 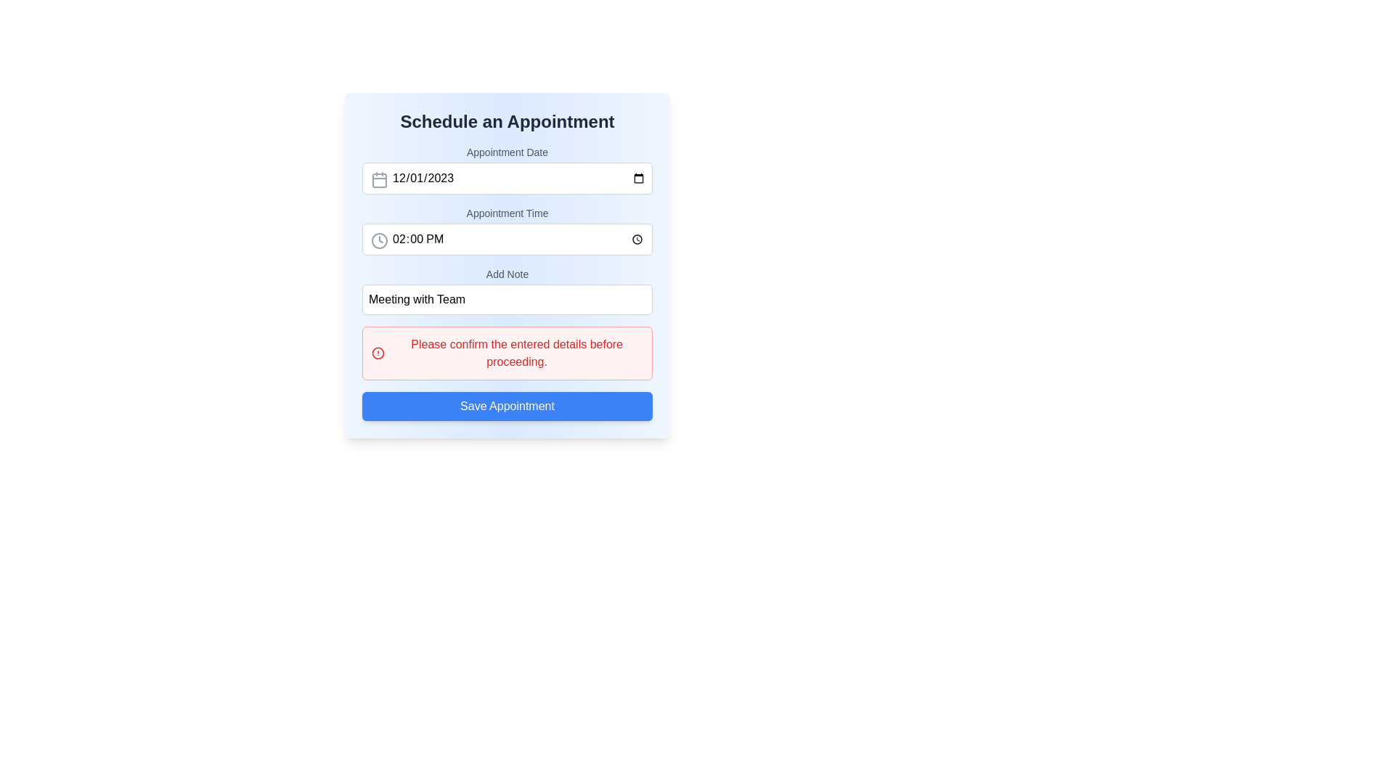 I want to click on the interior rectangular part of the calendar icon that represents the date selection feature, located to the left of the 'Appointment Date' section, so click(x=380, y=180).